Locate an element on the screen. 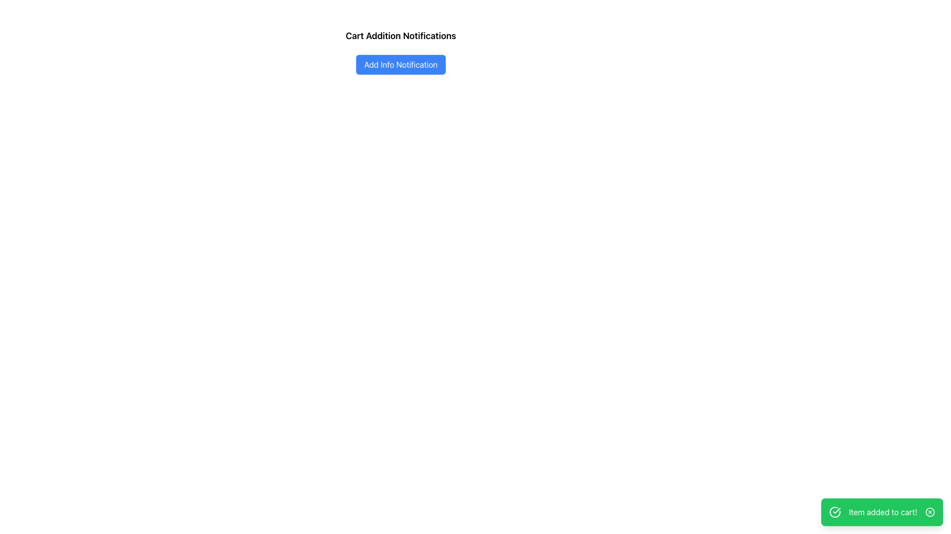 The image size is (951, 534). displayed message in the green notification block that says 'Item added to cart!' is located at coordinates (882, 512).